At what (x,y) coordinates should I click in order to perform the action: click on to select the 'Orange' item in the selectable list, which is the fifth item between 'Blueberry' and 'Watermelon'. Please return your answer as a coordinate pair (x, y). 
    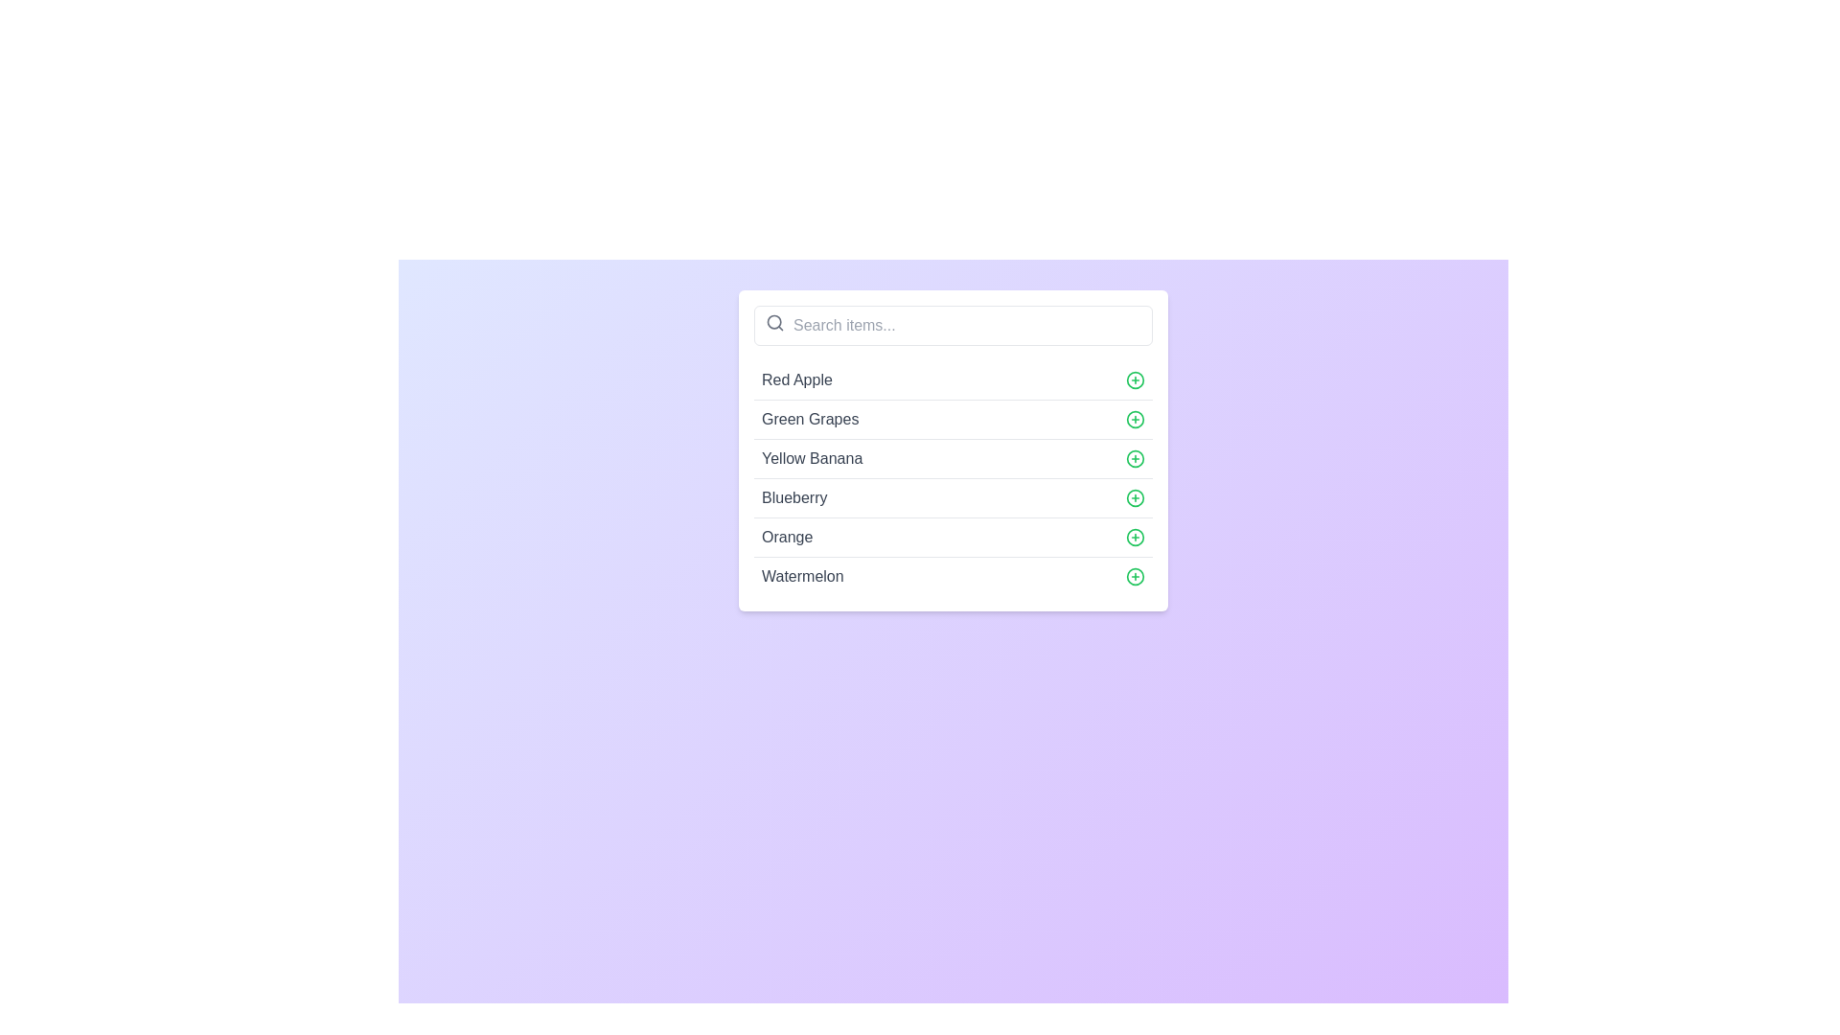
    Looking at the image, I should click on (953, 536).